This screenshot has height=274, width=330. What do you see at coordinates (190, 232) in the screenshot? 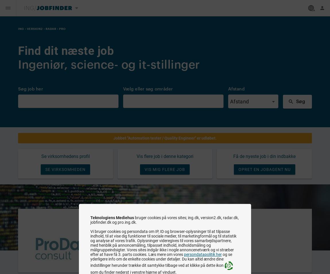
I see `'As quality engineer consultant you will play a central role...'` at bounding box center [190, 232].